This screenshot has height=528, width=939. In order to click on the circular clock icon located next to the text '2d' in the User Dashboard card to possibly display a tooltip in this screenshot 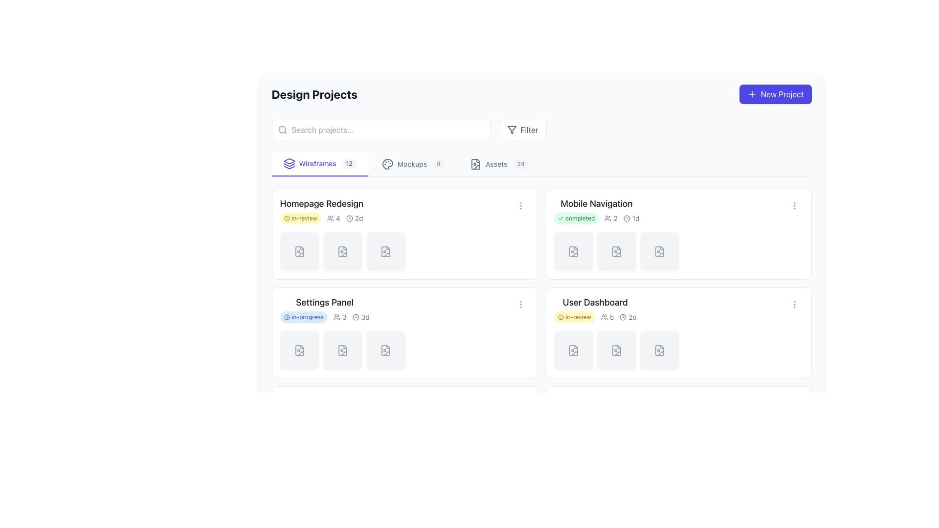, I will do `click(623, 317)`.